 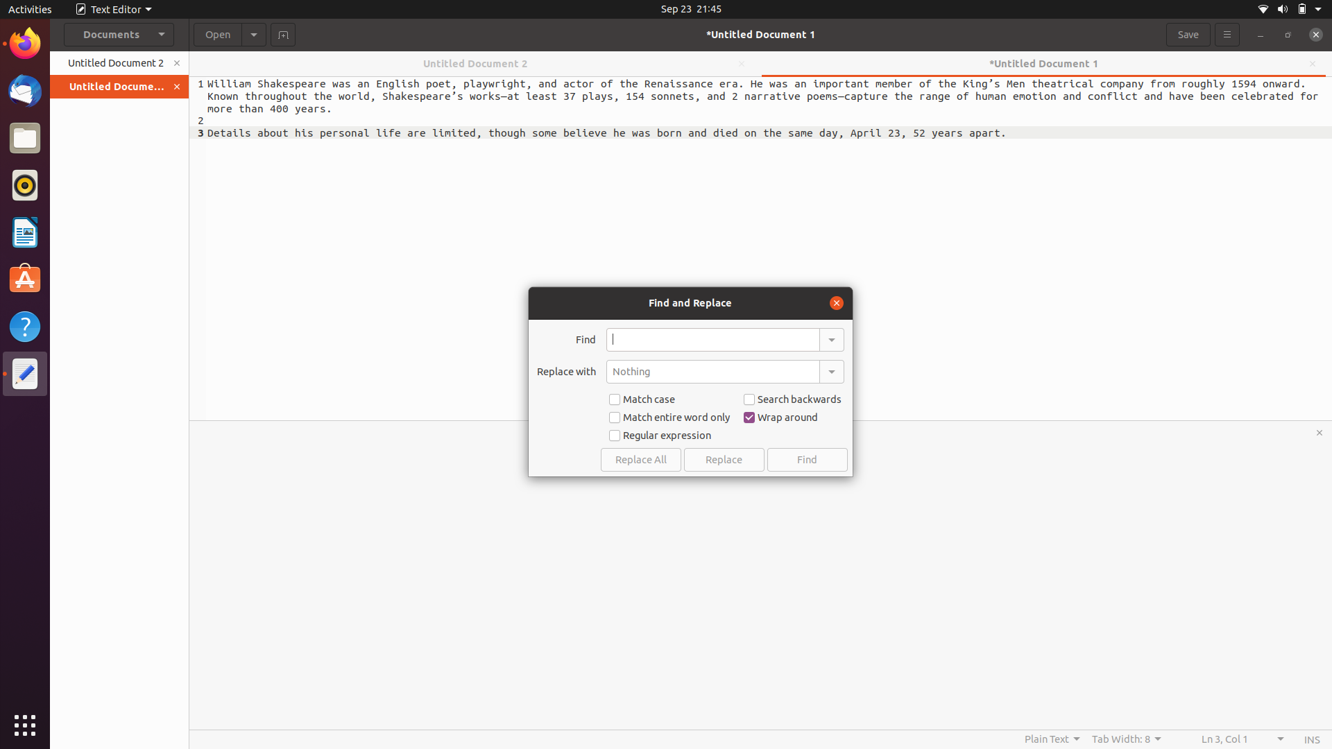 I want to click on Locate all words commencing with "an" in the given document, so click(x=712, y=339).